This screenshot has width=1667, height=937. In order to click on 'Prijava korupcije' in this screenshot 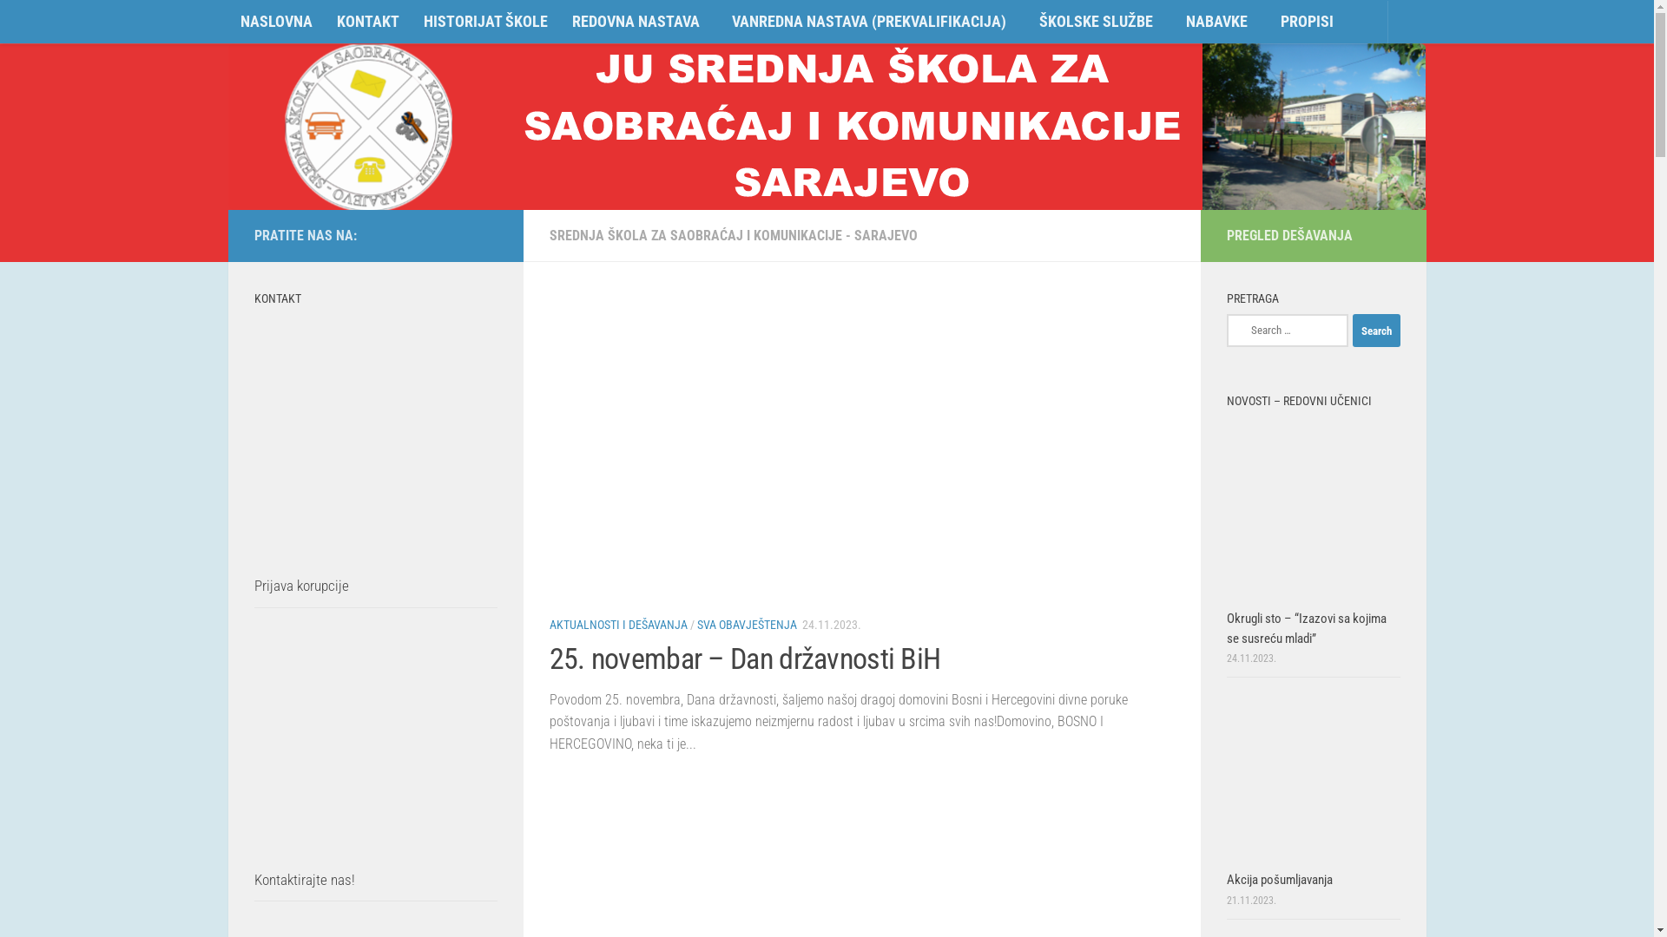, I will do `click(253, 586)`.